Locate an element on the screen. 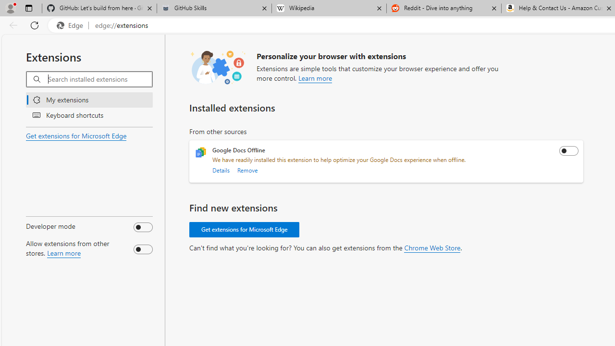 The image size is (615, 346). 'Chrome Web Store' is located at coordinates (431, 247).